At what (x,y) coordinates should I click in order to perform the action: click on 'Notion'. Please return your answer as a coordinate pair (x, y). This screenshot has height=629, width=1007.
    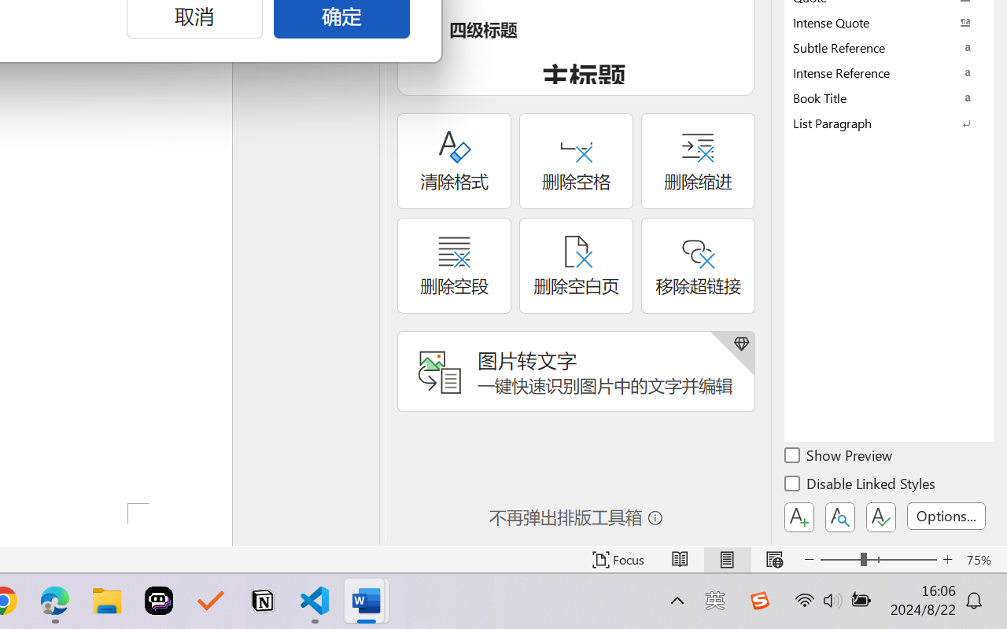
    Looking at the image, I should click on (263, 601).